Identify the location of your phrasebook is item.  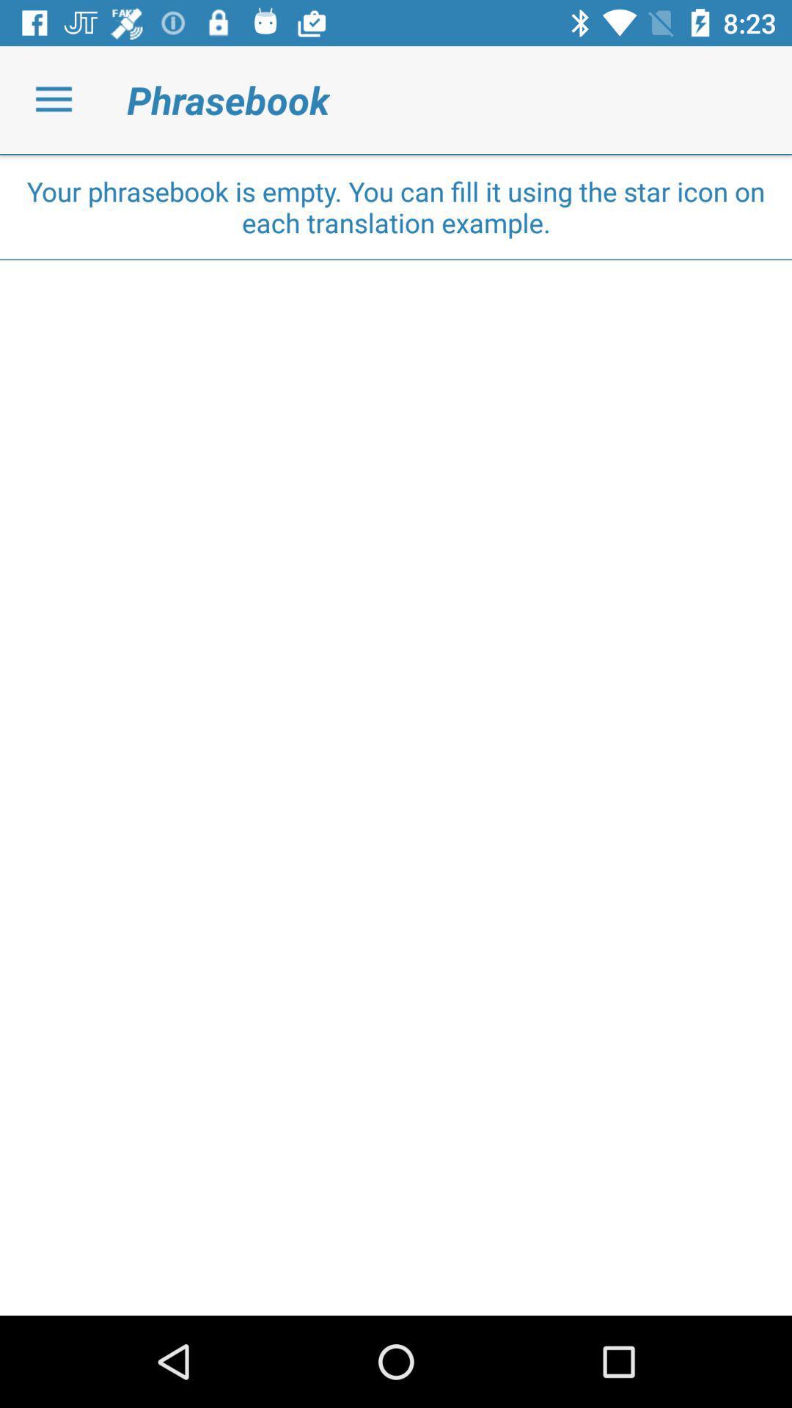
(396, 206).